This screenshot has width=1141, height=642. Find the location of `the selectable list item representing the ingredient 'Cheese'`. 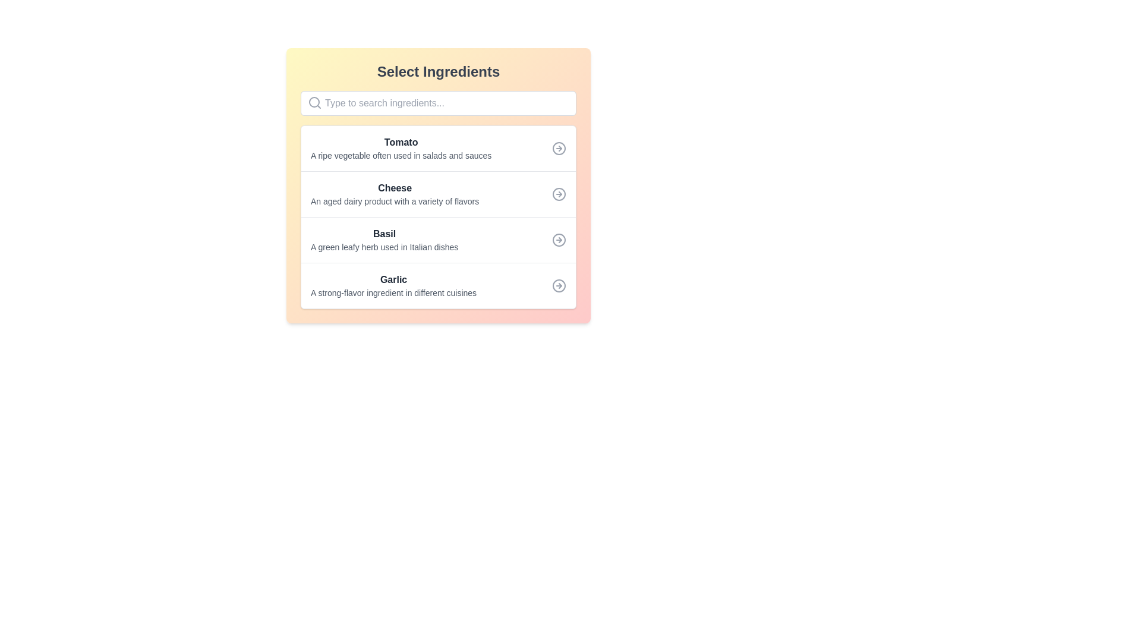

the selectable list item representing the ingredient 'Cheese' is located at coordinates (438, 193).